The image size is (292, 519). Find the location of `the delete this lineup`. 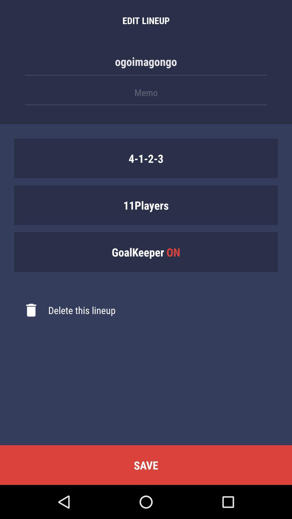

the delete this lineup is located at coordinates (64, 310).